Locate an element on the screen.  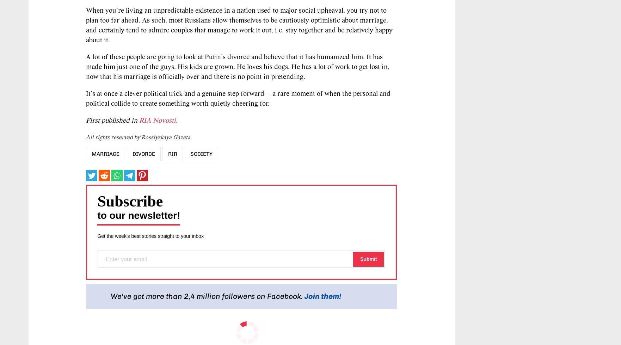
'marriage' is located at coordinates (105, 154).